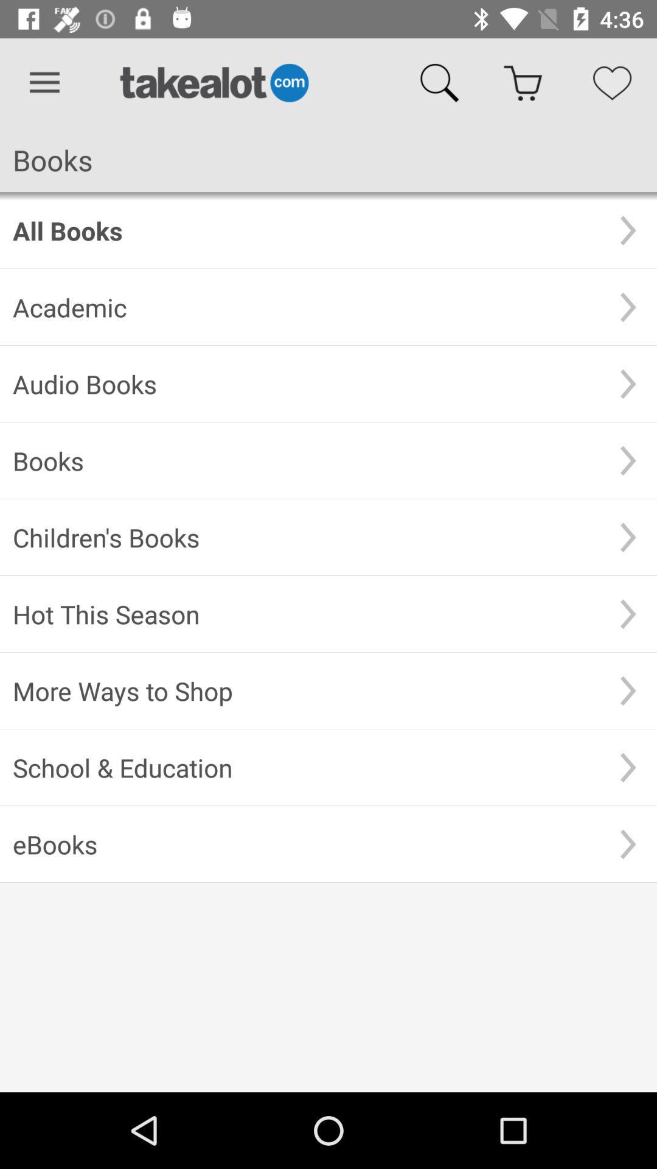 This screenshot has height=1169, width=657. What do you see at coordinates (305, 690) in the screenshot?
I see `the icon above the school & education icon` at bounding box center [305, 690].